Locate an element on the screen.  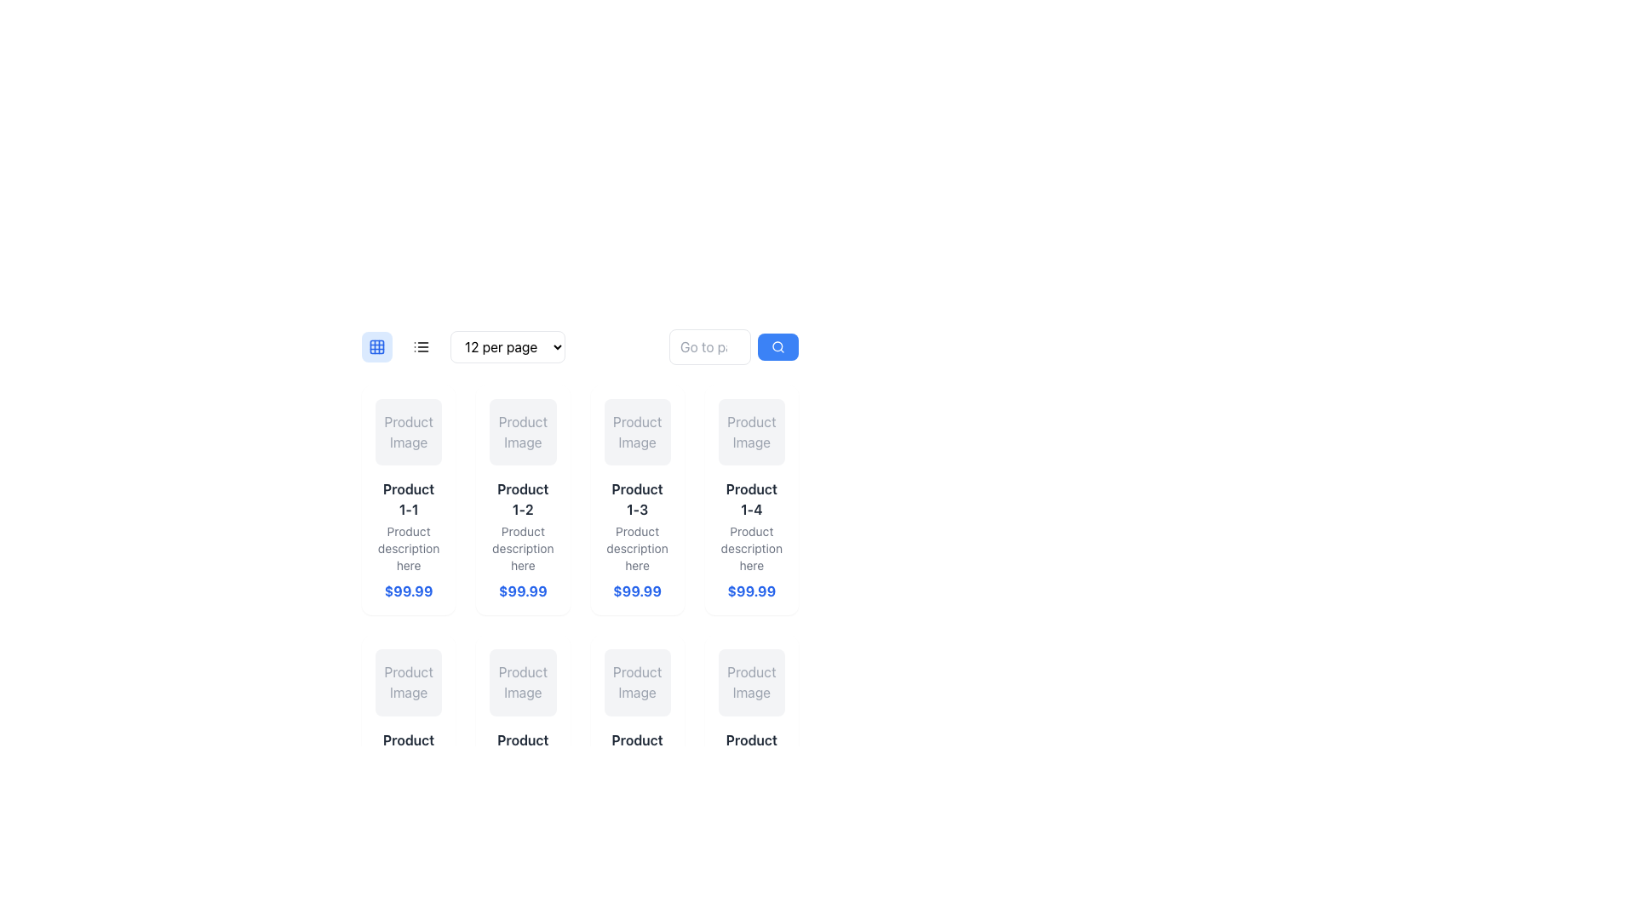
the dropdown menu located centrally aligned in the toolbar section above the main content grid is located at coordinates (580, 346).